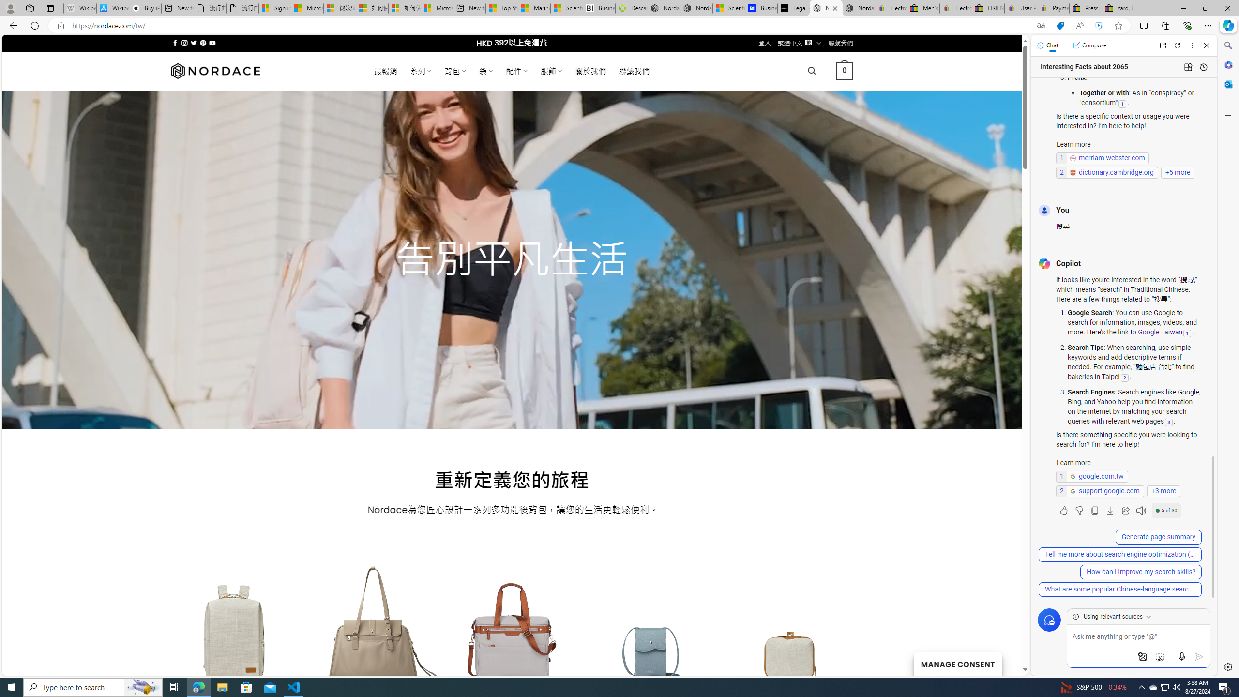 Image resolution: width=1239 pixels, height=697 pixels. I want to click on 'Follow on Instagram', so click(184, 43).